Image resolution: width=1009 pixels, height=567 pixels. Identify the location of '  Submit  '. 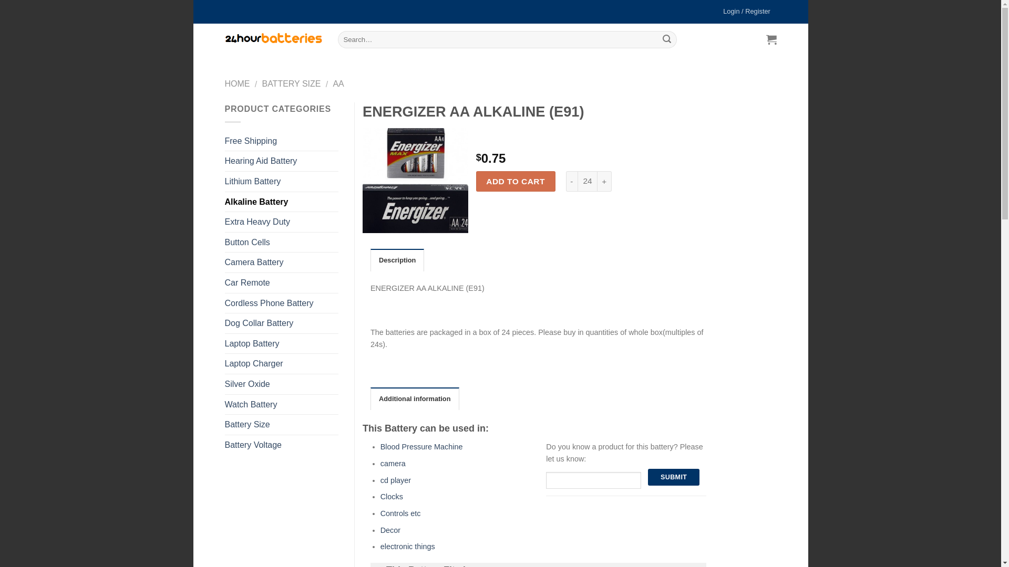
(673, 477).